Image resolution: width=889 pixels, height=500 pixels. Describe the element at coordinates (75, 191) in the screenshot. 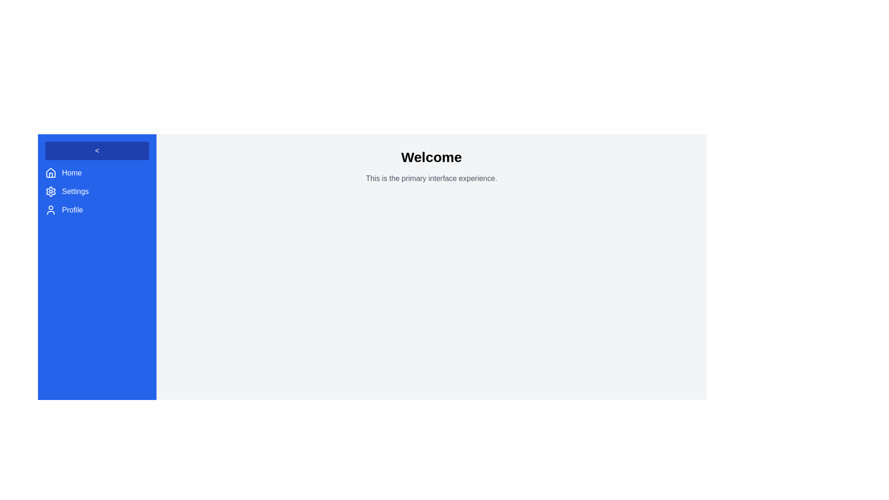

I see `the 'Settings' text label in the side navigation menu to potentially display additional details` at that location.